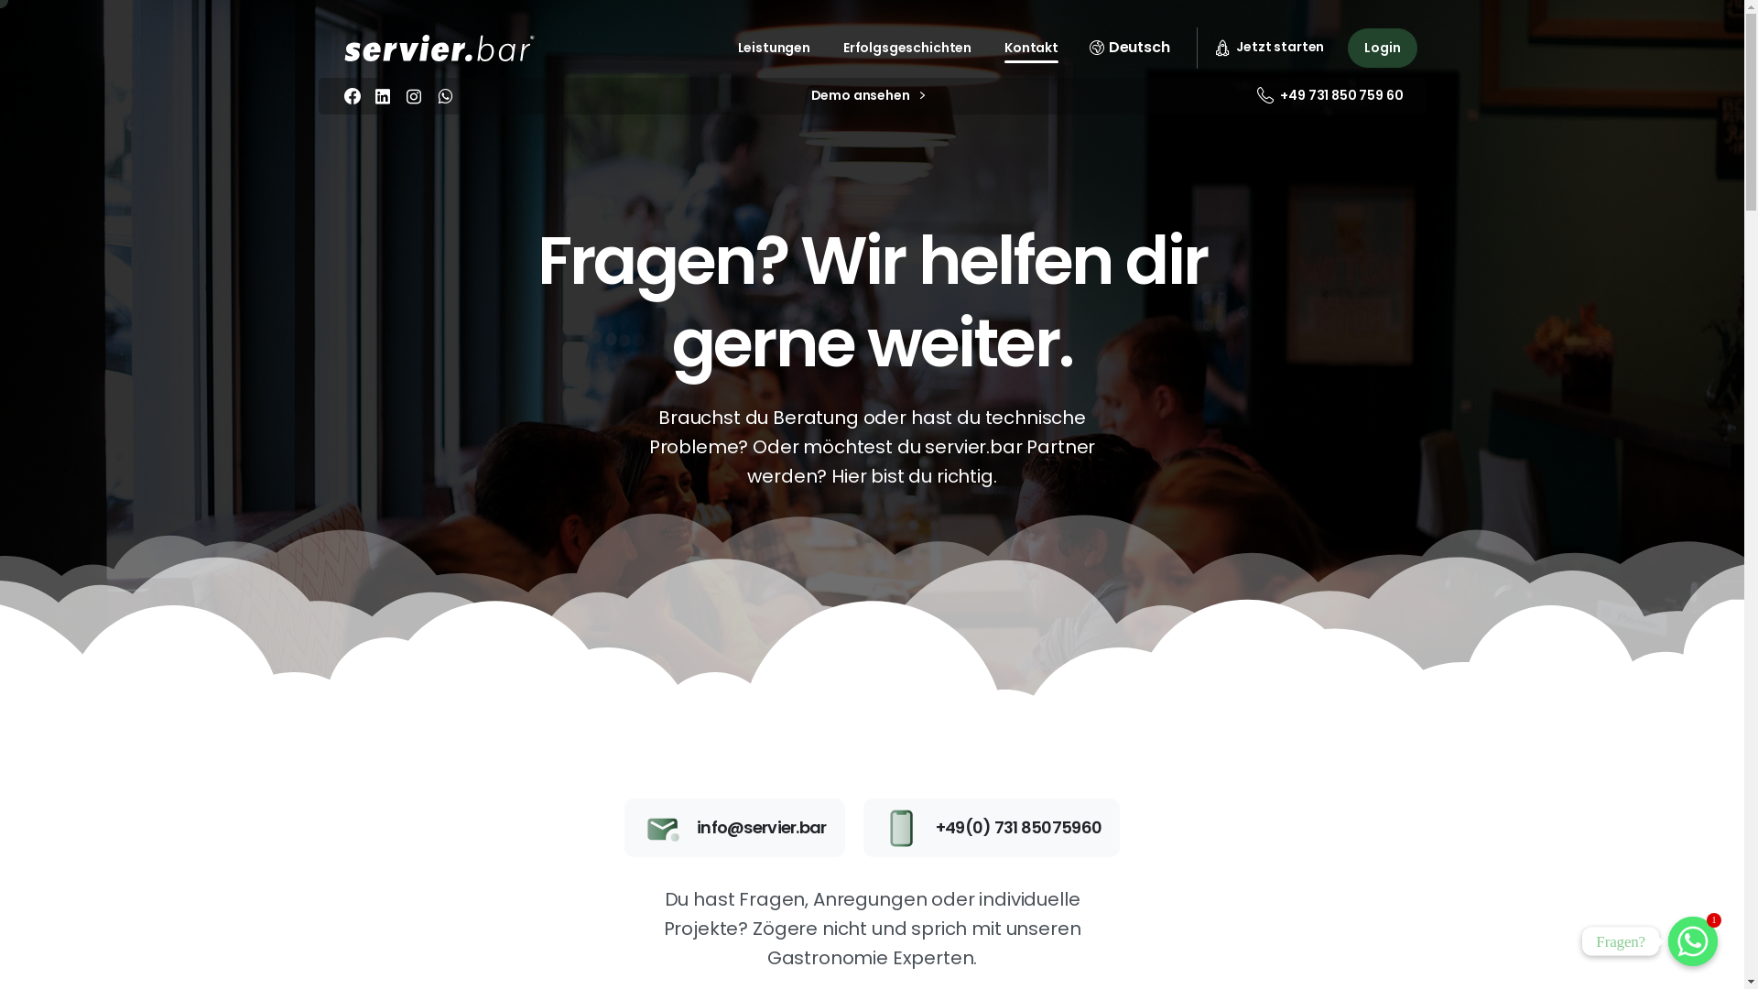  I want to click on '+49(0) 731 85075960', so click(991, 827).